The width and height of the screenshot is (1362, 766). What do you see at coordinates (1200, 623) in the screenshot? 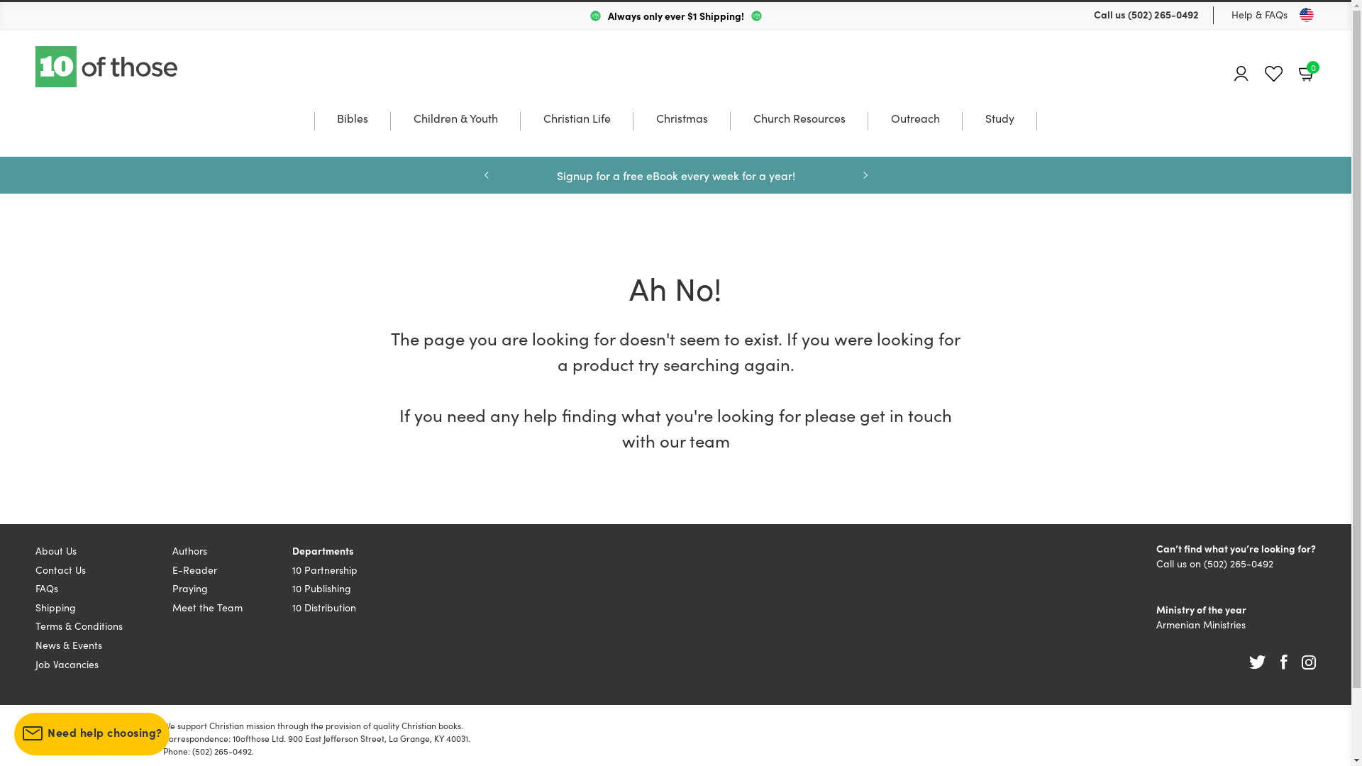
I see `'Armenian Ministries'` at bounding box center [1200, 623].